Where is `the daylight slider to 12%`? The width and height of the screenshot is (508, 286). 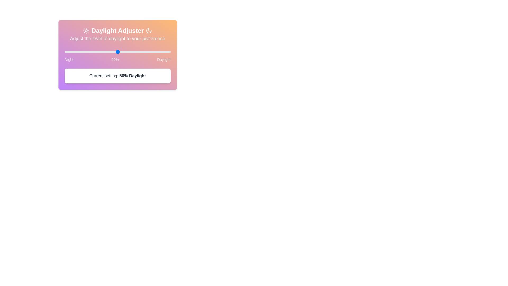 the daylight slider to 12% is located at coordinates (77, 52).